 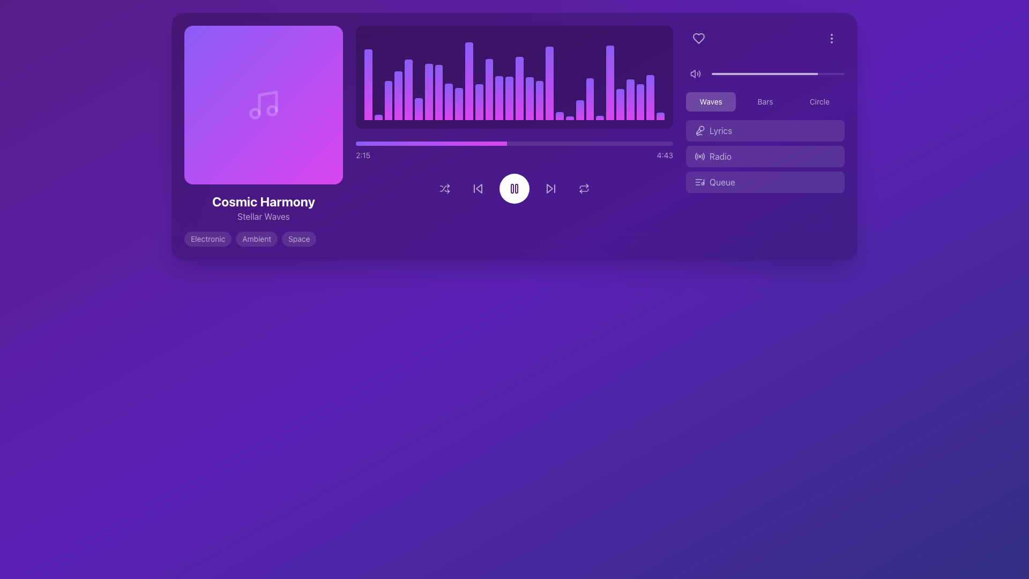 What do you see at coordinates (559, 116) in the screenshot?
I see `the 19th vertical waveform bar on the right side of the audio waveform display, which has a gradient fill from fuchsia to violet and a rounded top` at bounding box center [559, 116].